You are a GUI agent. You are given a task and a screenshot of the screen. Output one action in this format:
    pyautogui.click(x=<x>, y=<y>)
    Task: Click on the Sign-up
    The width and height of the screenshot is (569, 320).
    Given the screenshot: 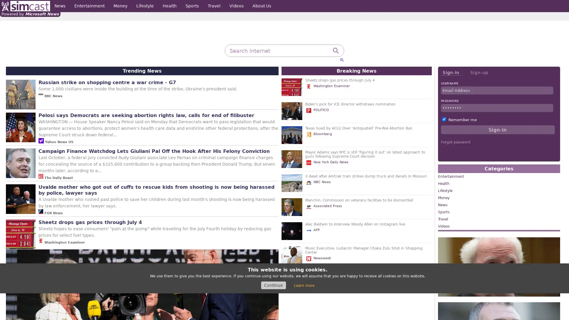 What is the action you would take?
    pyautogui.click(x=479, y=72)
    